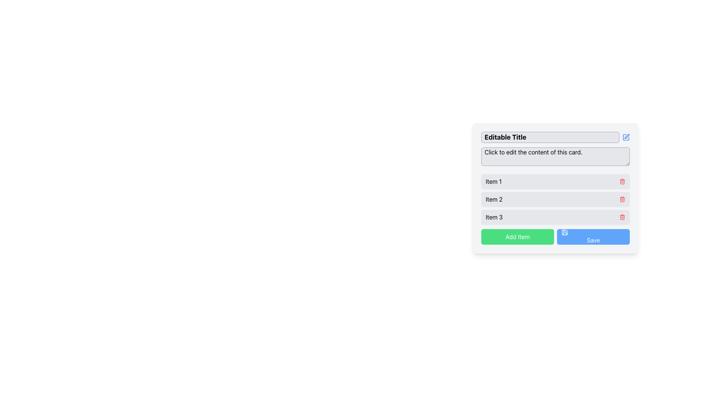 This screenshot has width=713, height=401. I want to click on the right vertical edge of the trash bin icon, which indicates the delete function for the associated list item, so click(622, 182).